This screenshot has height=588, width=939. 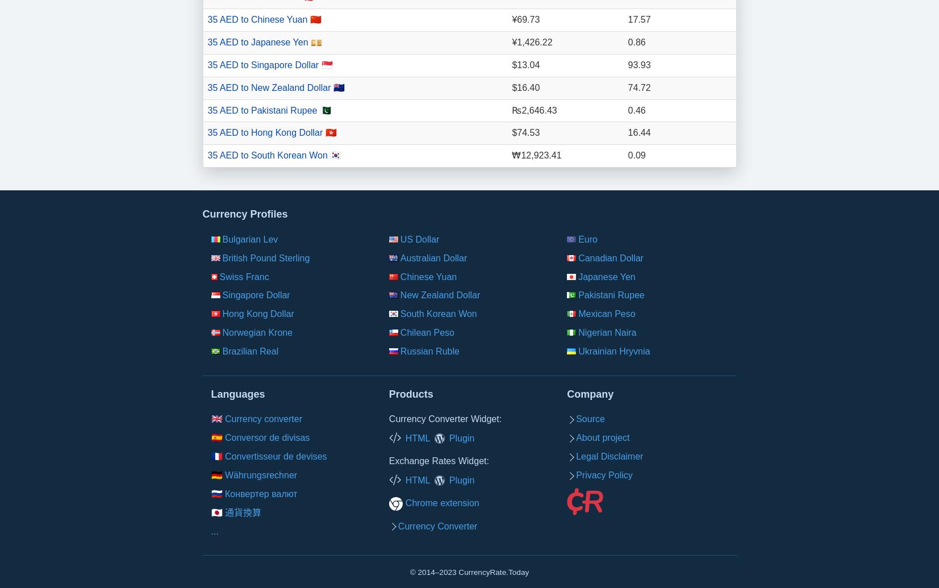 What do you see at coordinates (268, 155) in the screenshot?
I see `'35 AED to South Korean Won'` at bounding box center [268, 155].